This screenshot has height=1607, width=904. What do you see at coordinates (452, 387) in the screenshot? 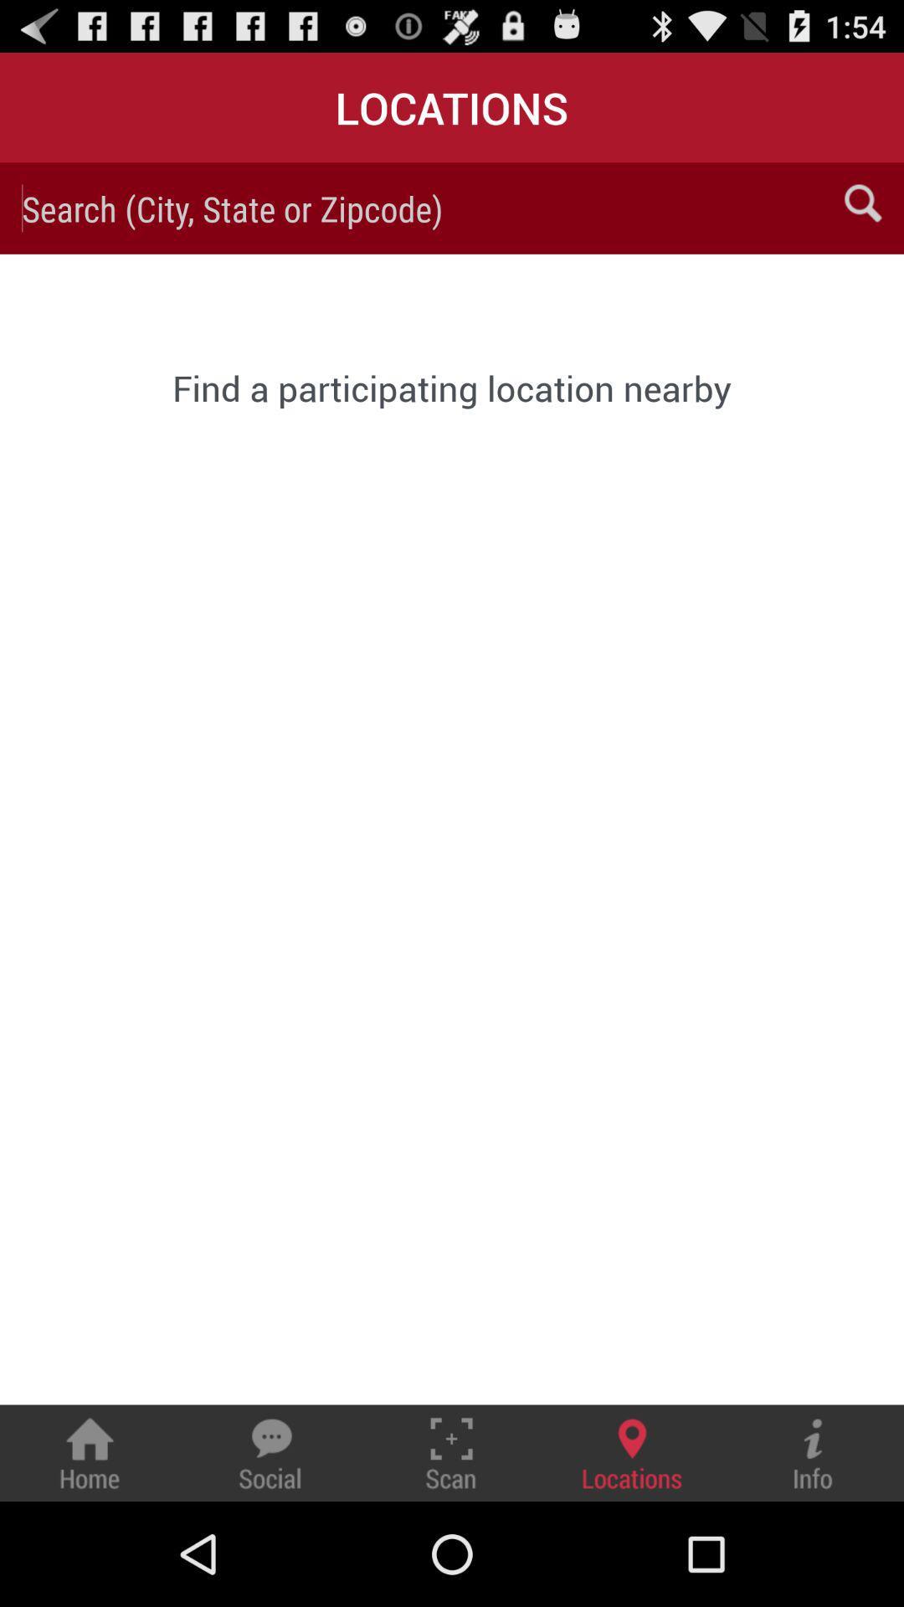
I see `find a participating app` at bounding box center [452, 387].